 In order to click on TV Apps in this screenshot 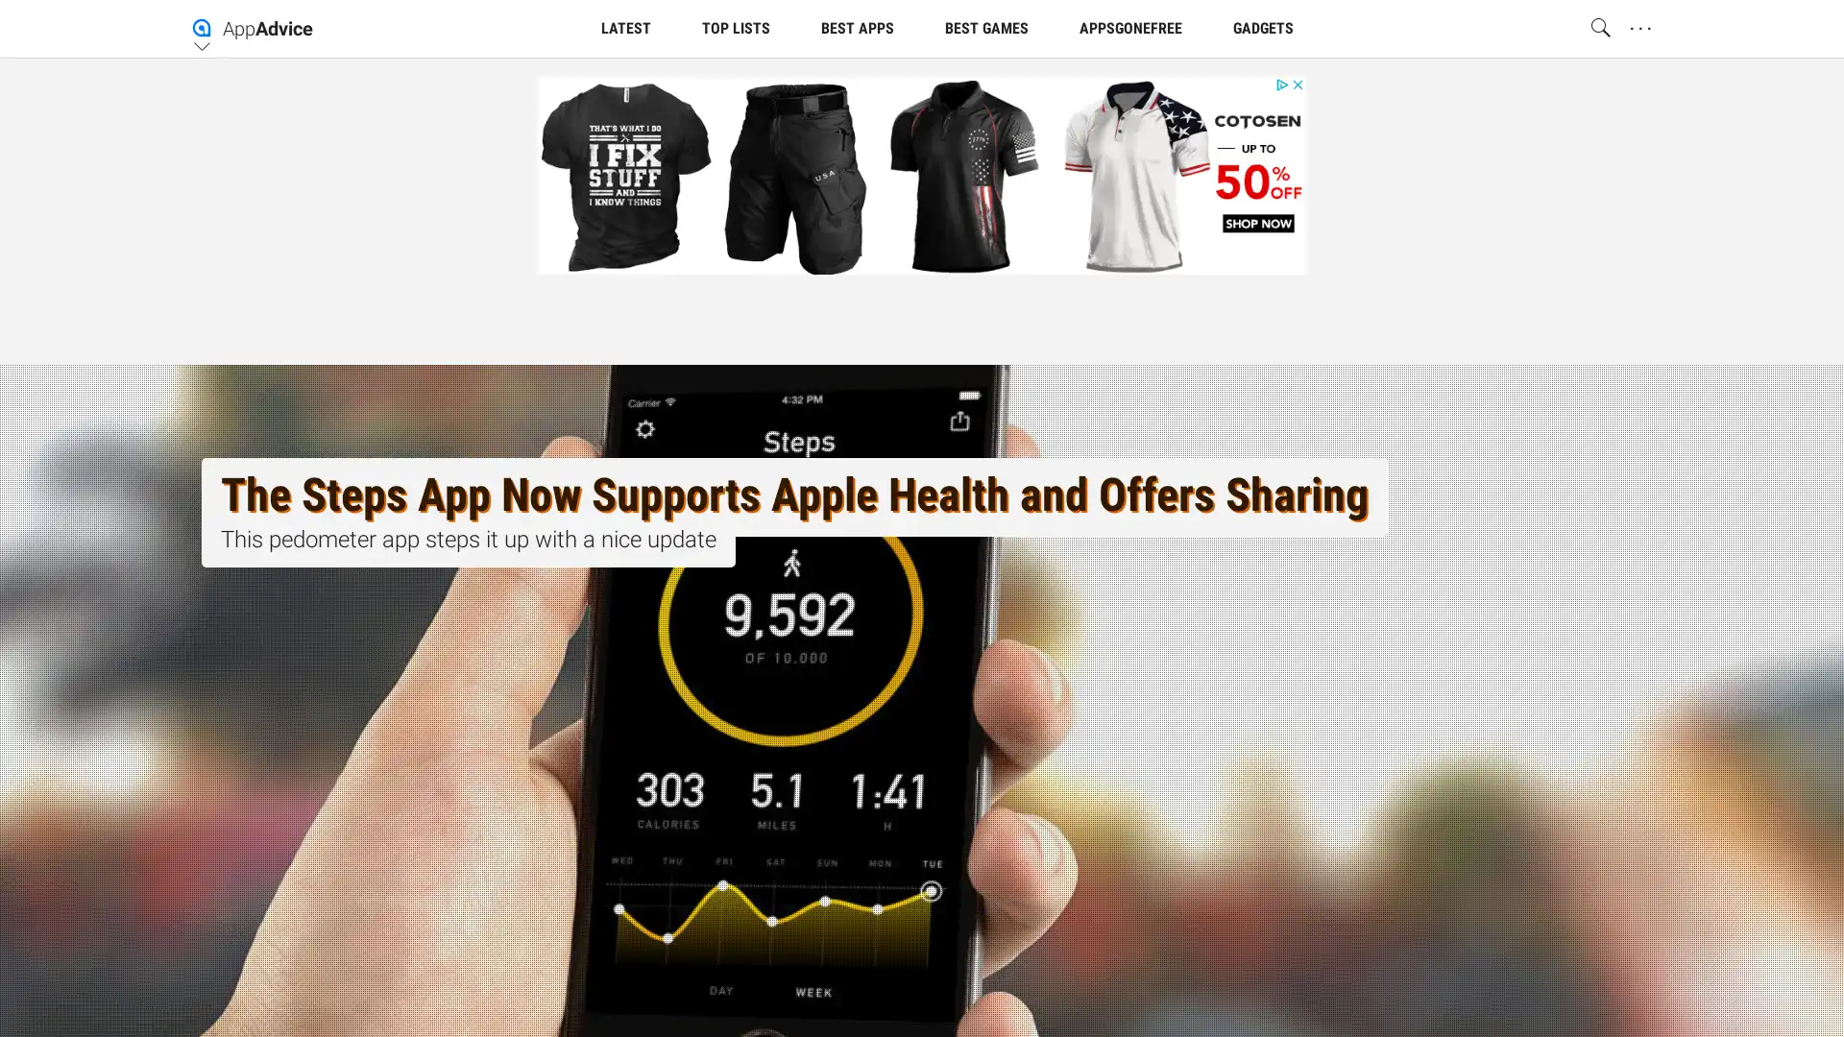, I will do `click(1196, 181)`.